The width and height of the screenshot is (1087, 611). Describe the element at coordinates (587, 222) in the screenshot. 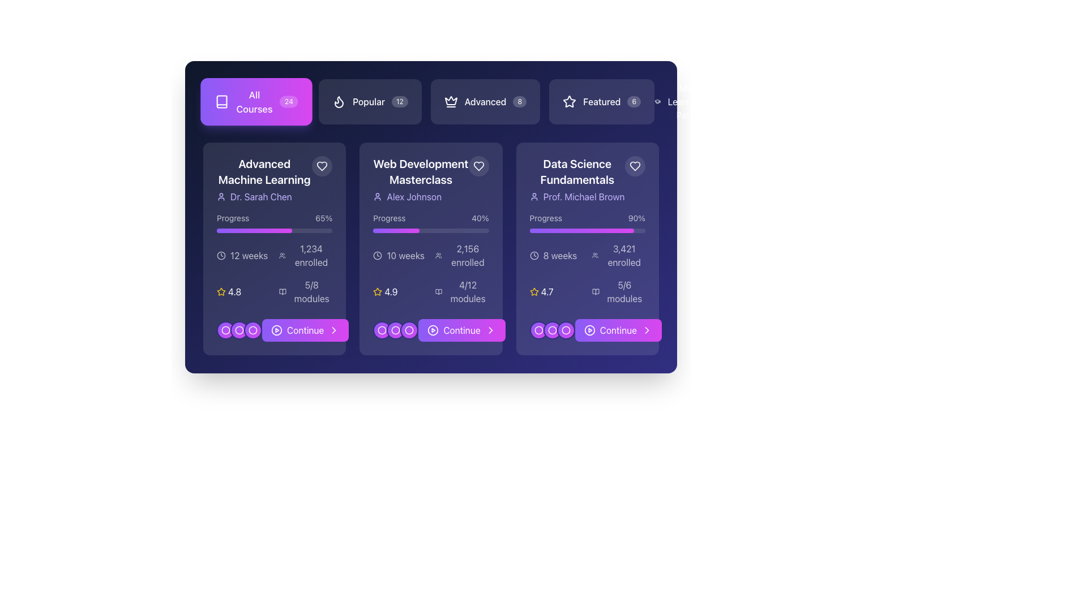

I see `the progress information displayed in the progress bar within the 'Data Science Fundamentals' card, located in the upper-middle section of the card` at that location.